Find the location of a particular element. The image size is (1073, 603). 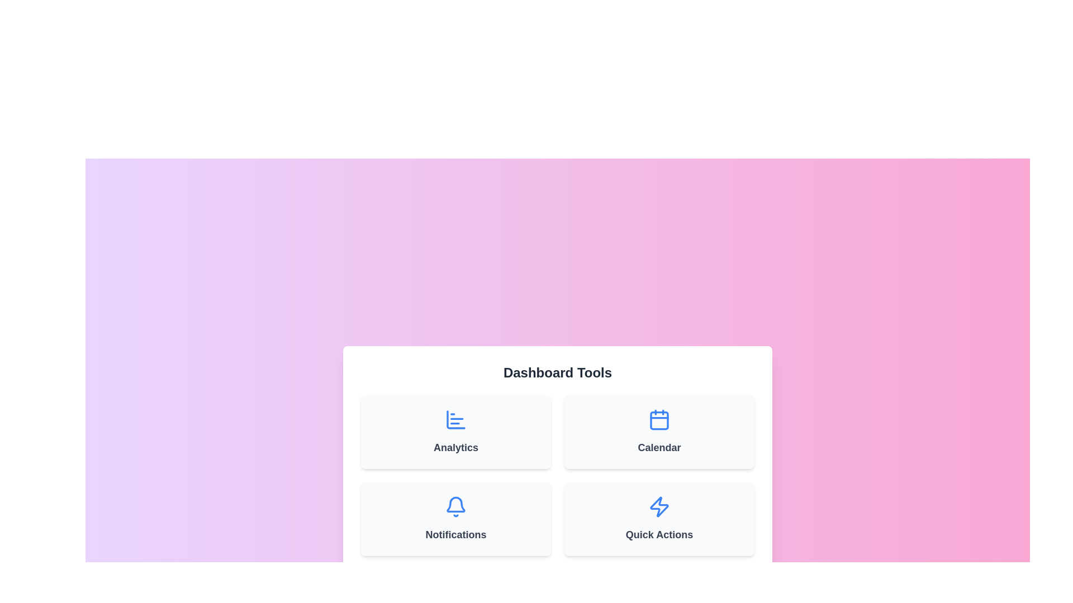

the 'Calendar' interactive card located in the top-right cell of the grid is located at coordinates (659, 432).